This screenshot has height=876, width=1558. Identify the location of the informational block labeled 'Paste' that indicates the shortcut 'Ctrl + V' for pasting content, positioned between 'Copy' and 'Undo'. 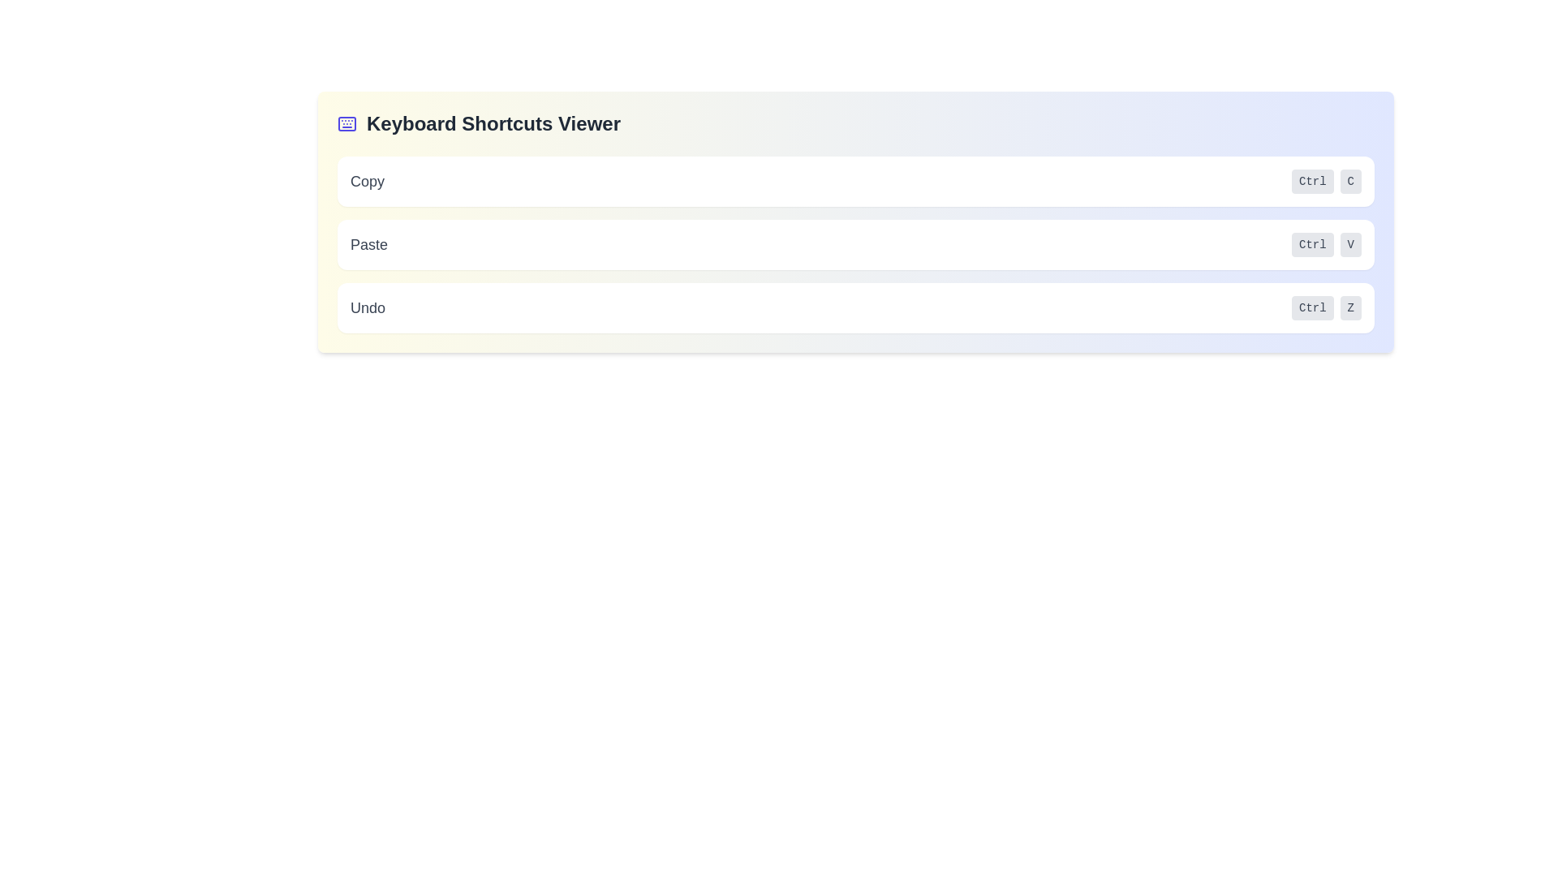
(855, 244).